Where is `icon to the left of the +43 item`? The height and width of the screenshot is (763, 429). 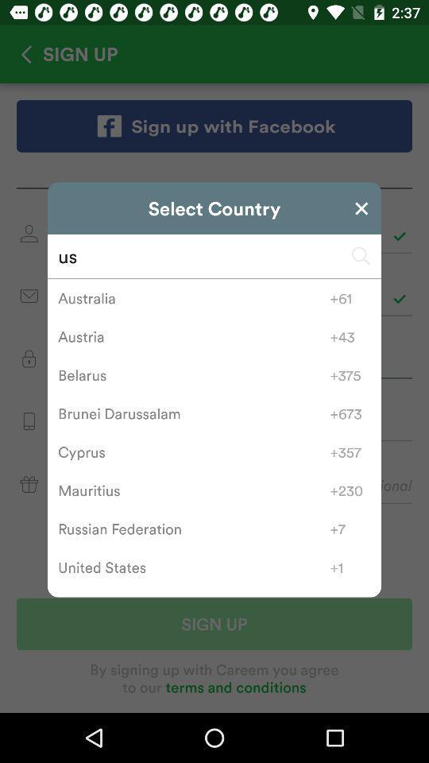 icon to the left of the +43 item is located at coordinates (194, 336).